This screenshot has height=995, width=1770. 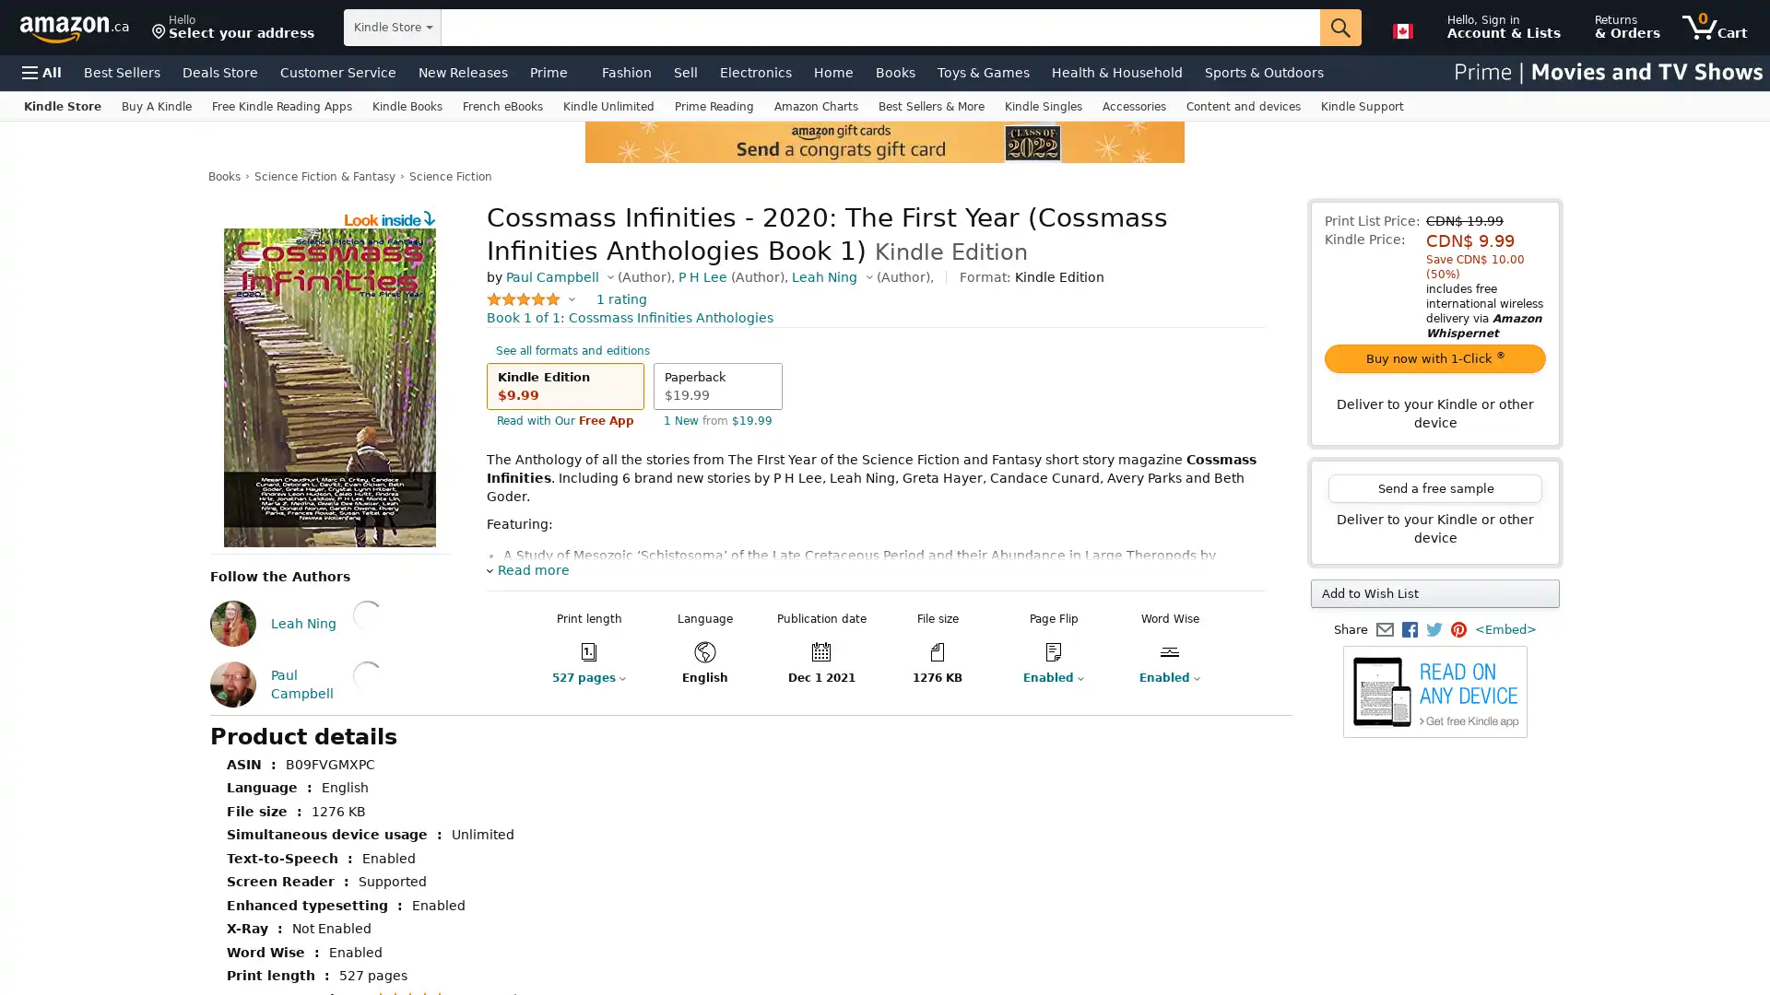 What do you see at coordinates (1042, 696) in the screenshot?
I see `Enabled` at bounding box center [1042, 696].